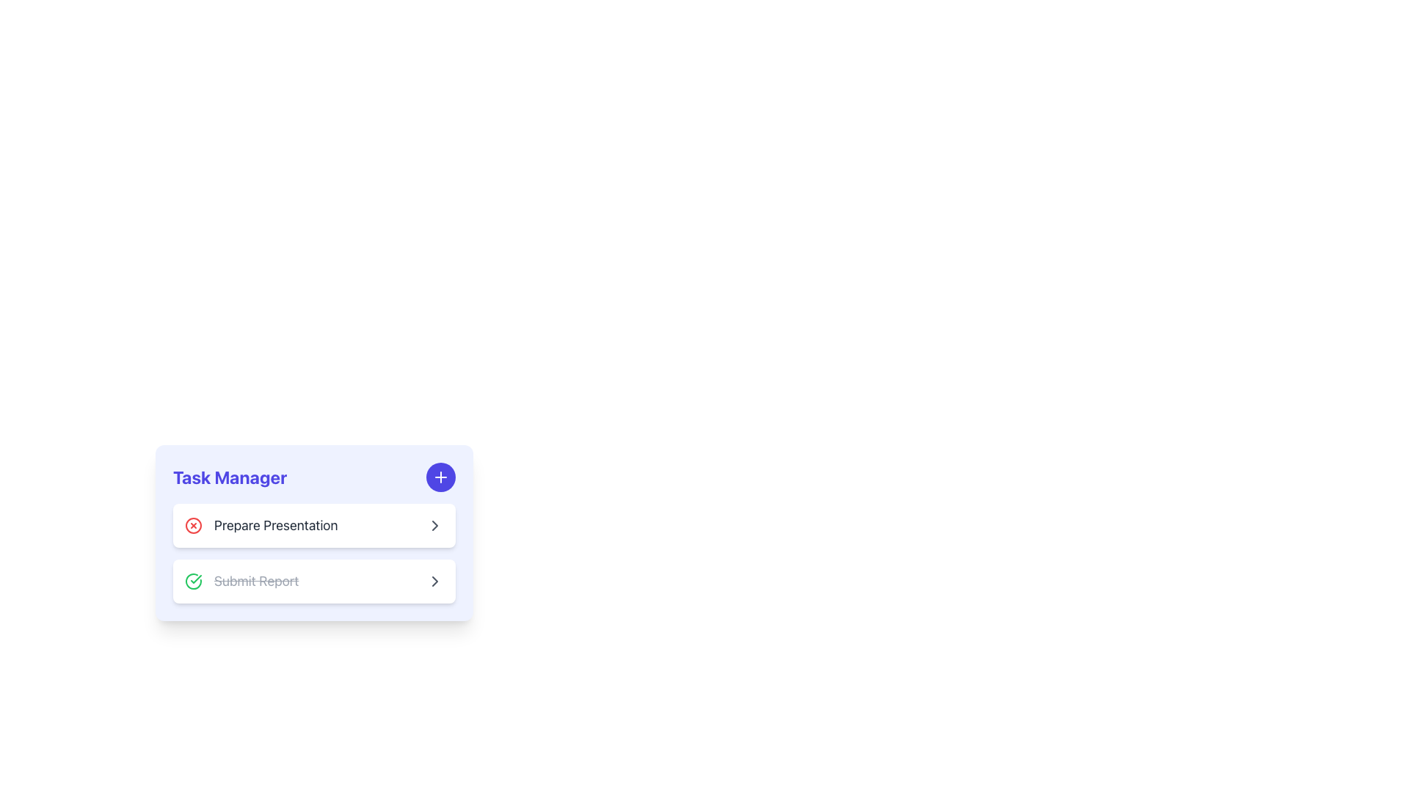 The width and height of the screenshot is (1409, 792). What do you see at coordinates (193, 581) in the screenshot?
I see `the Checkmark icon` at bounding box center [193, 581].